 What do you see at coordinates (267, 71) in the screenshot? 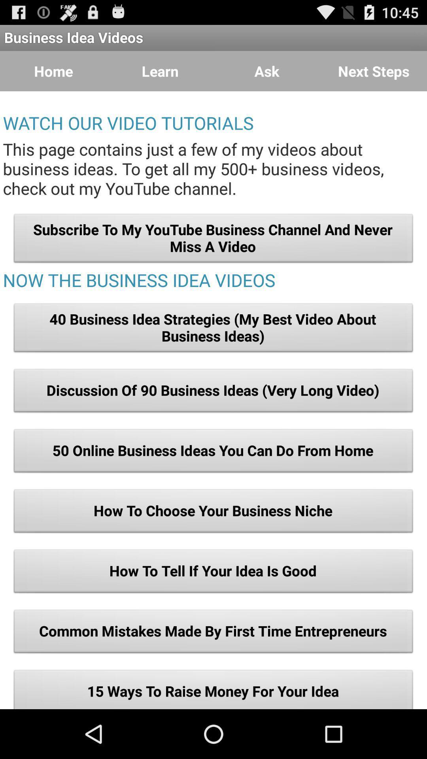
I see `the button to the left of the next steps` at bounding box center [267, 71].